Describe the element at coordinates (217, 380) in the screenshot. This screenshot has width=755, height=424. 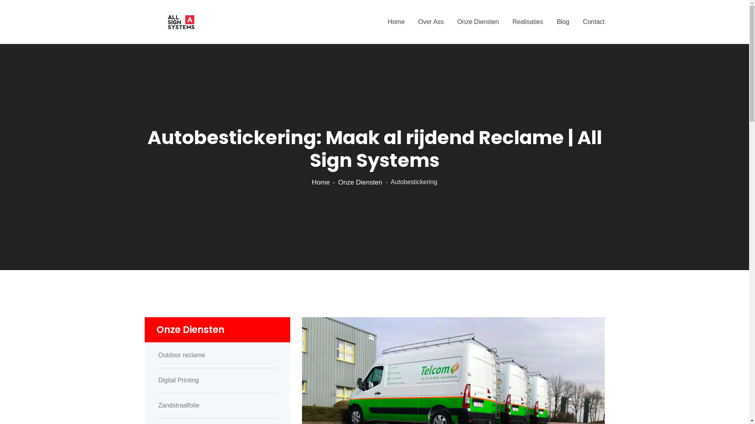
I see `'Digital Printing'` at that location.